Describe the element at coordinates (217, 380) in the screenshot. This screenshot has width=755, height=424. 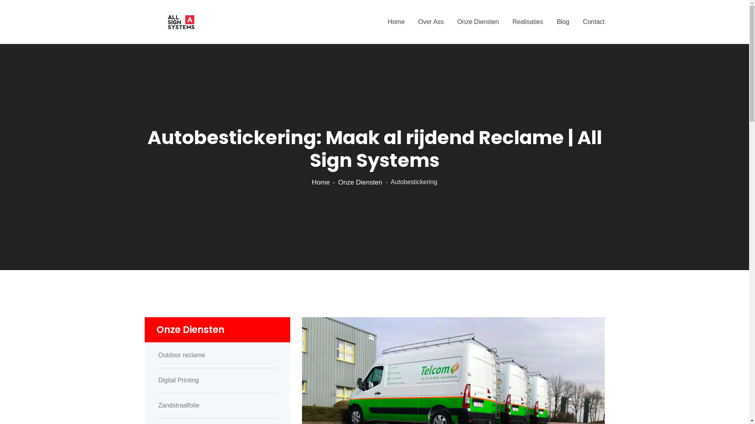
I see `'Digital Printing'` at that location.